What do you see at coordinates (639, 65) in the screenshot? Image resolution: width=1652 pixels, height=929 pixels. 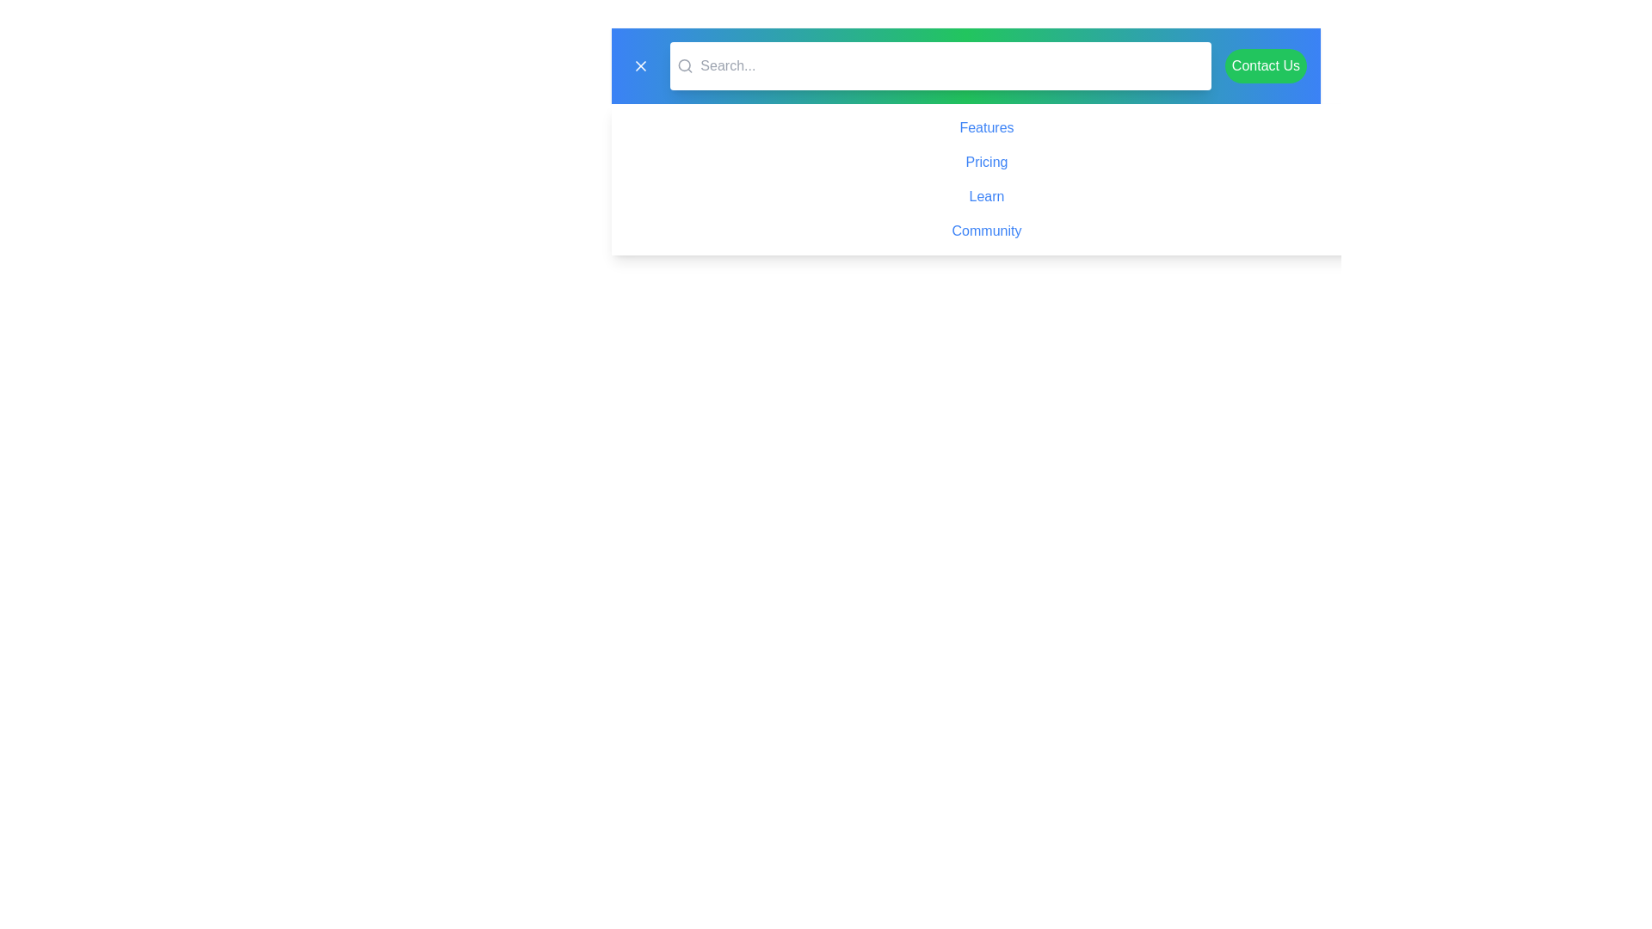 I see `the 'X' icon in the top-left corner of the interface` at bounding box center [639, 65].